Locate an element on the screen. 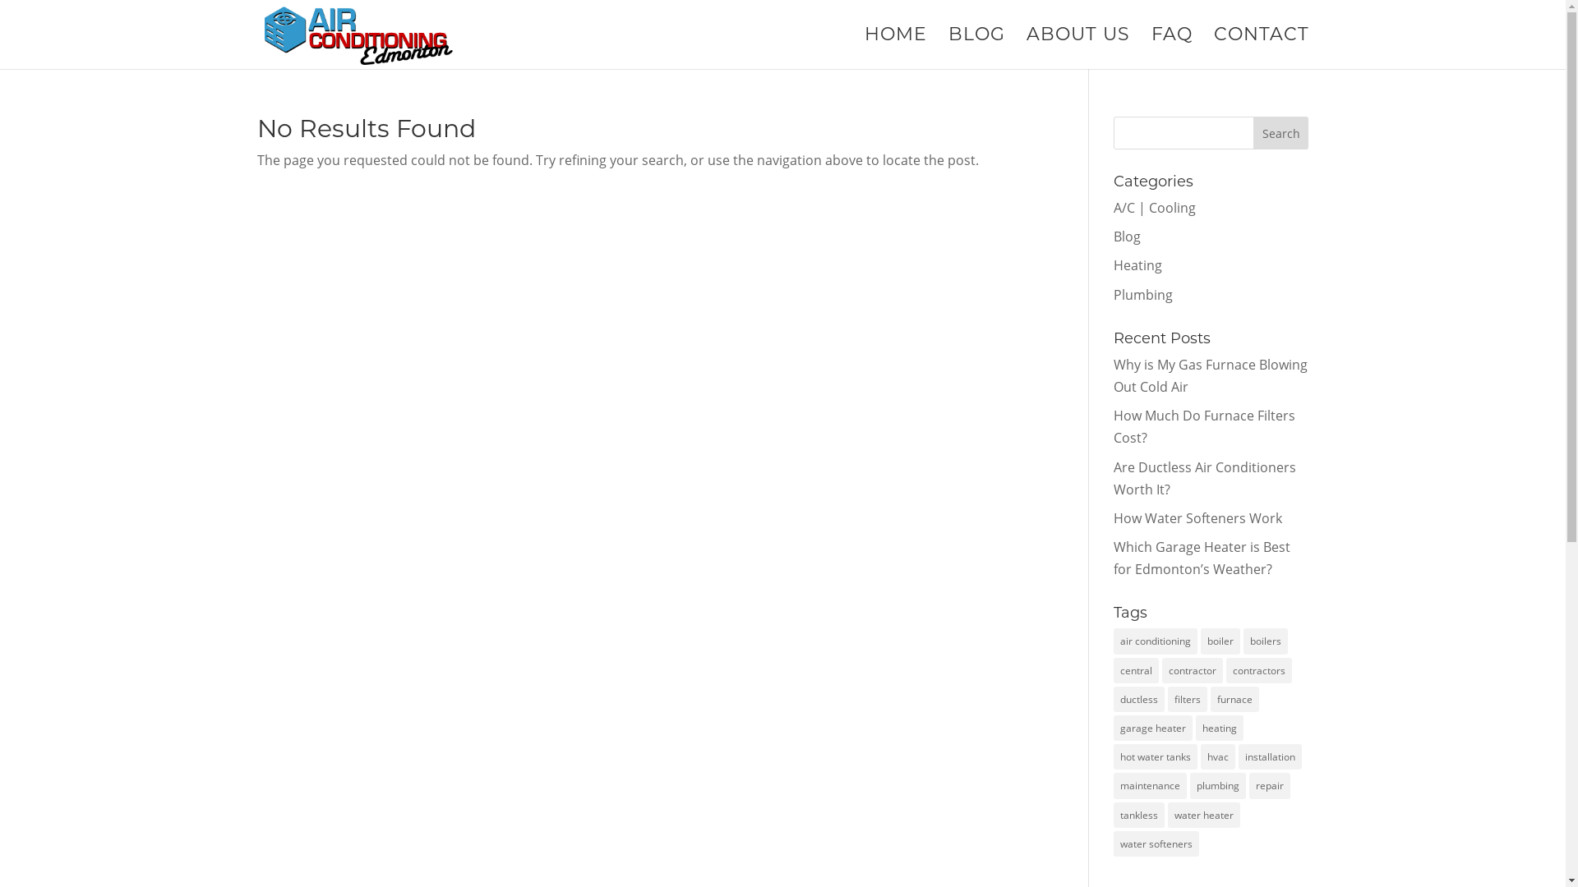 The image size is (1578, 887). 'hvac' is located at coordinates (1218, 756).